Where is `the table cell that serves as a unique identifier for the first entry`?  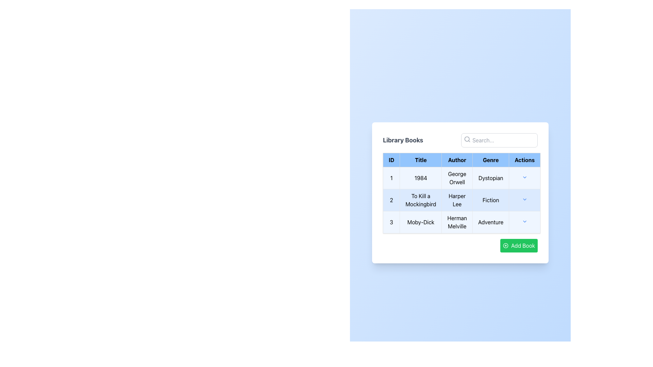
the table cell that serves as a unique identifier for the first entry is located at coordinates (391, 177).